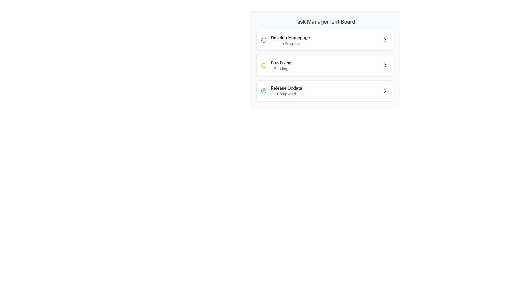 This screenshot has width=516, height=290. I want to click on the yellow circular SVG Circle Component that represents a warning or alert icon next to the 'Bug Fixing' task in the Task Management Board, so click(264, 65).